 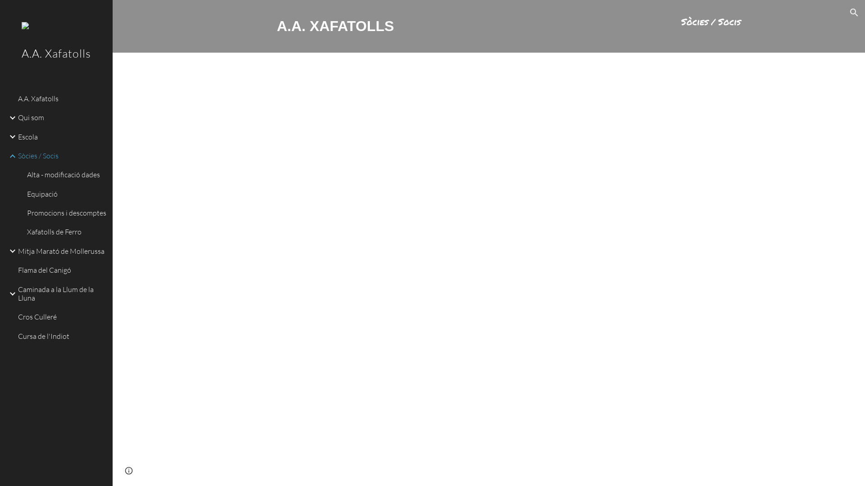 What do you see at coordinates (61, 336) in the screenshot?
I see `'Cursa de l'Indiot'` at bounding box center [61, 336].